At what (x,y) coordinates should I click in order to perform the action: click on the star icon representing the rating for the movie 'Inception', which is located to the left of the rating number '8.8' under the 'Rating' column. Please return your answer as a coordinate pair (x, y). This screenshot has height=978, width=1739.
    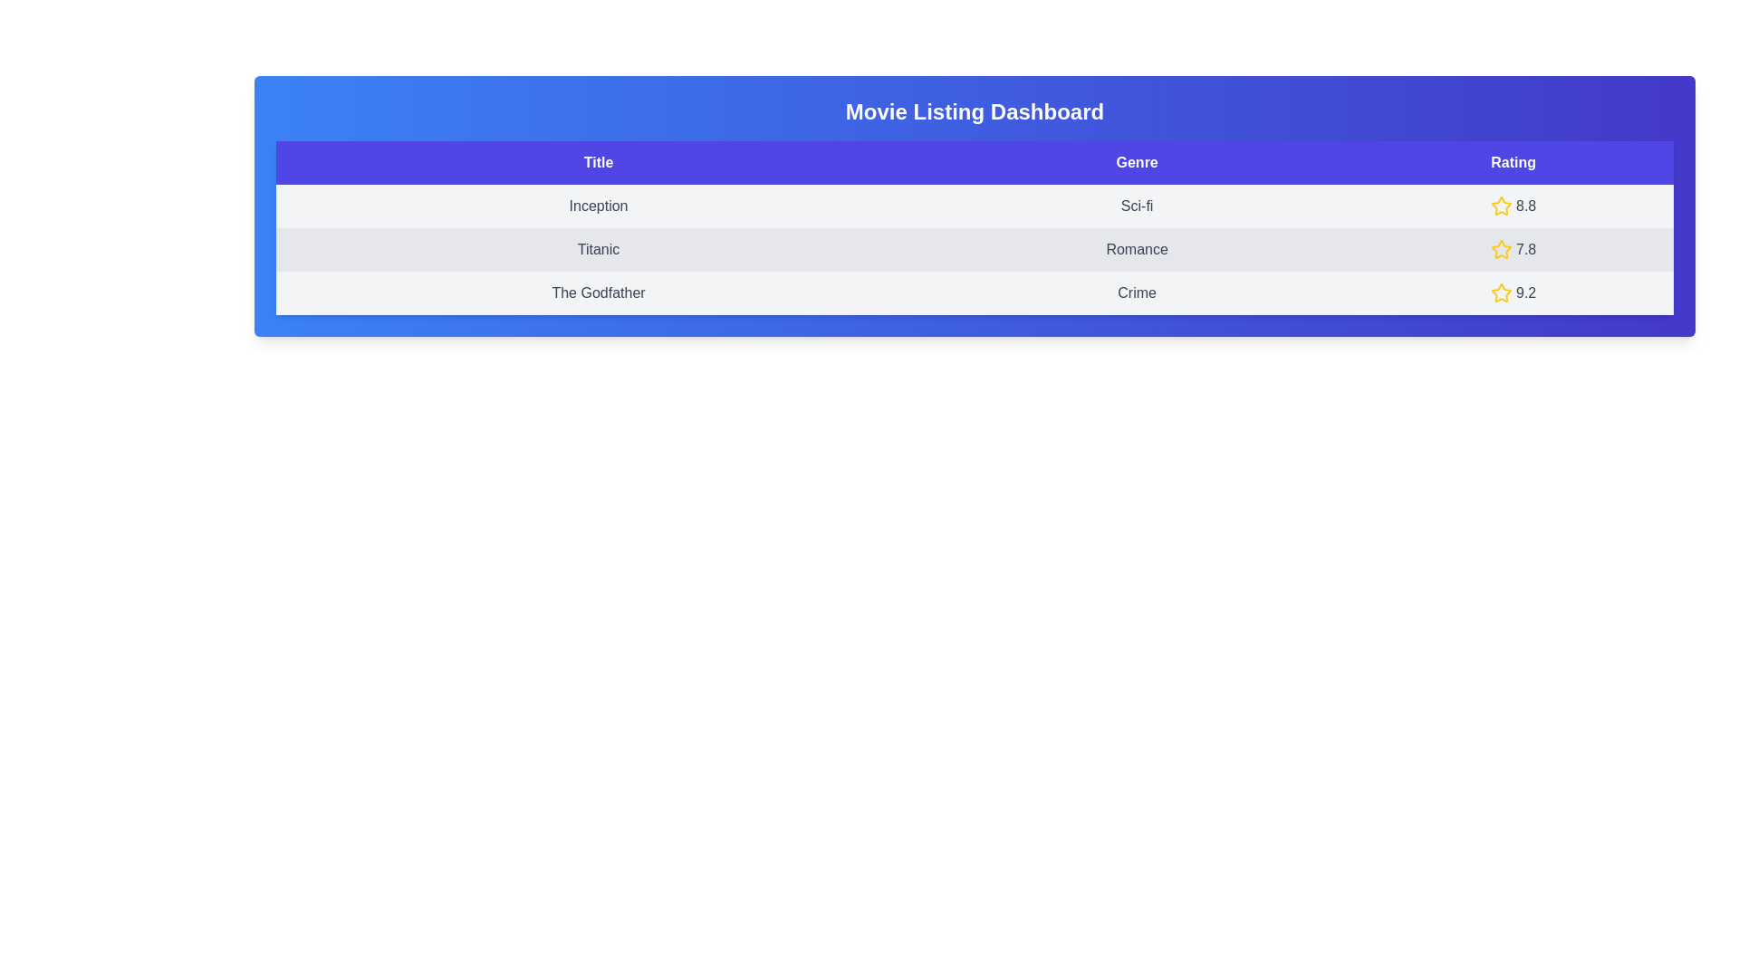
    Looking at the image, I should click on (1501, 205).